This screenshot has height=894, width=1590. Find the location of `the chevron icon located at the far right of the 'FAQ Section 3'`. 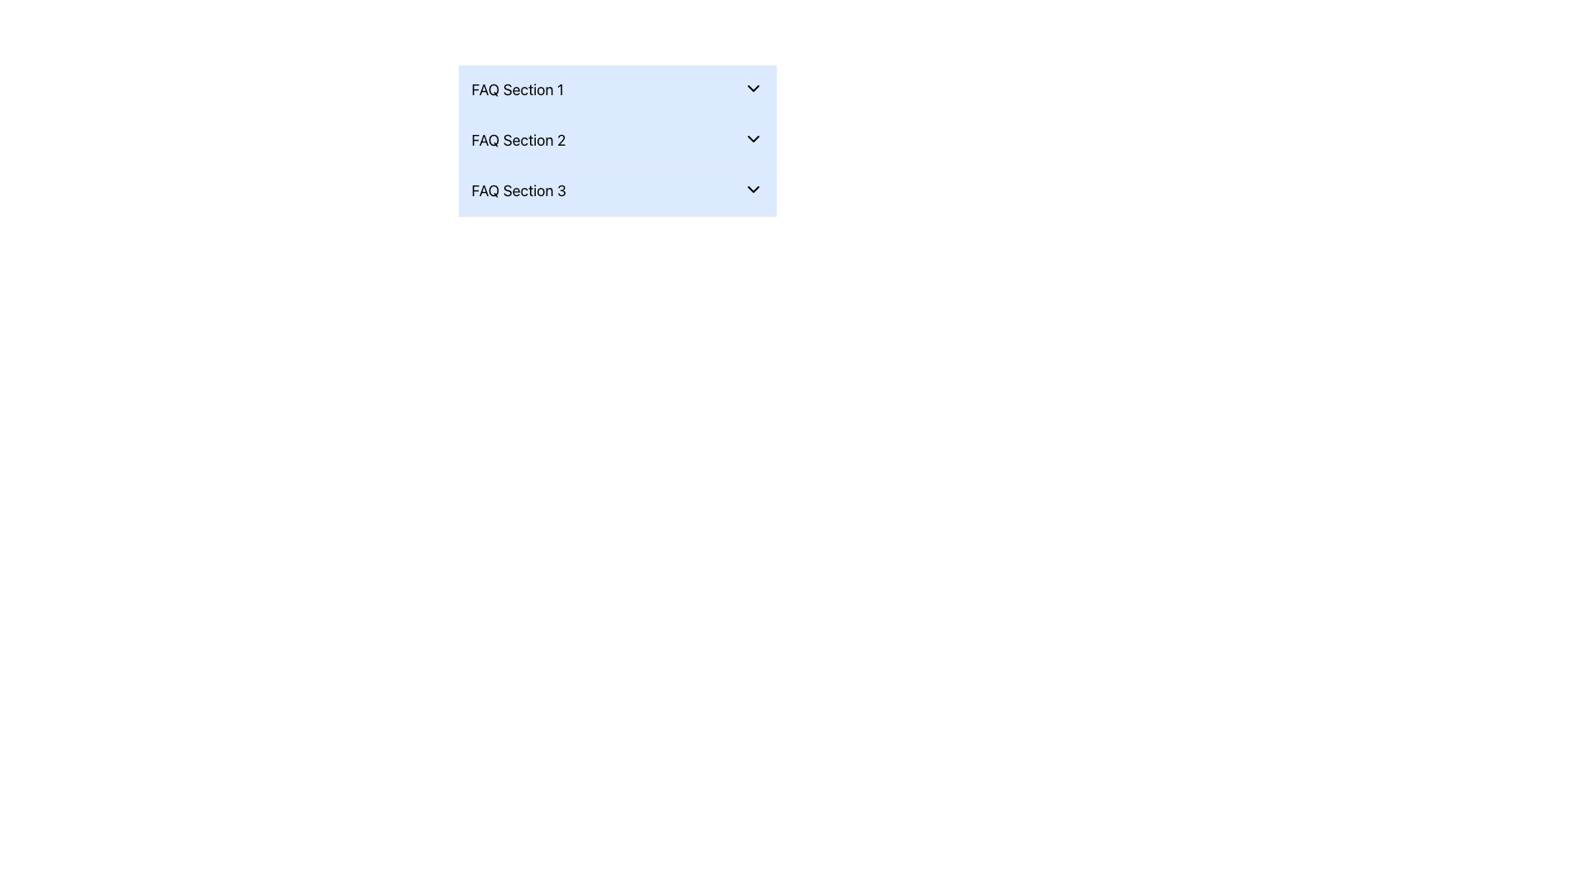

the chevron icon located at the far right of the 'FAQ Section 3' is located at coordinates (752, 188).